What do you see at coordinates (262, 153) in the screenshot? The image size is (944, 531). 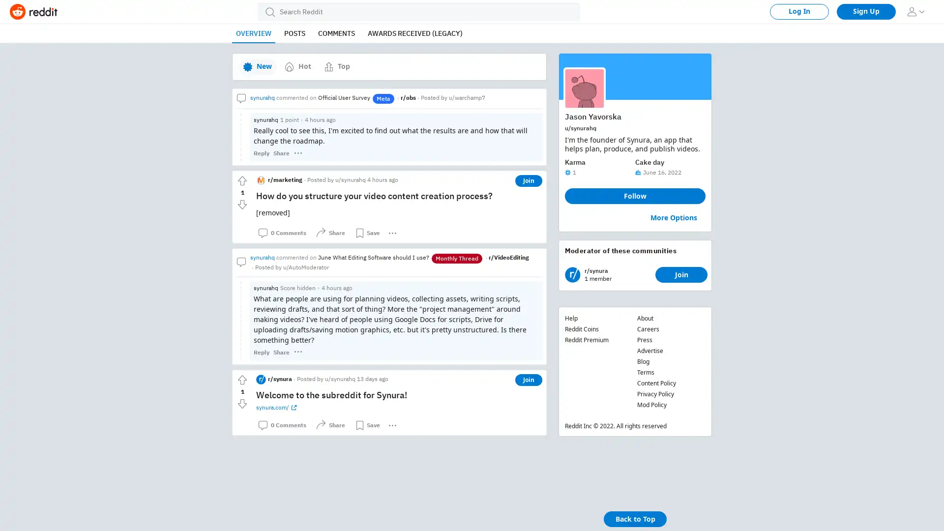 I see `Reply` at bounding box center [262, 153].